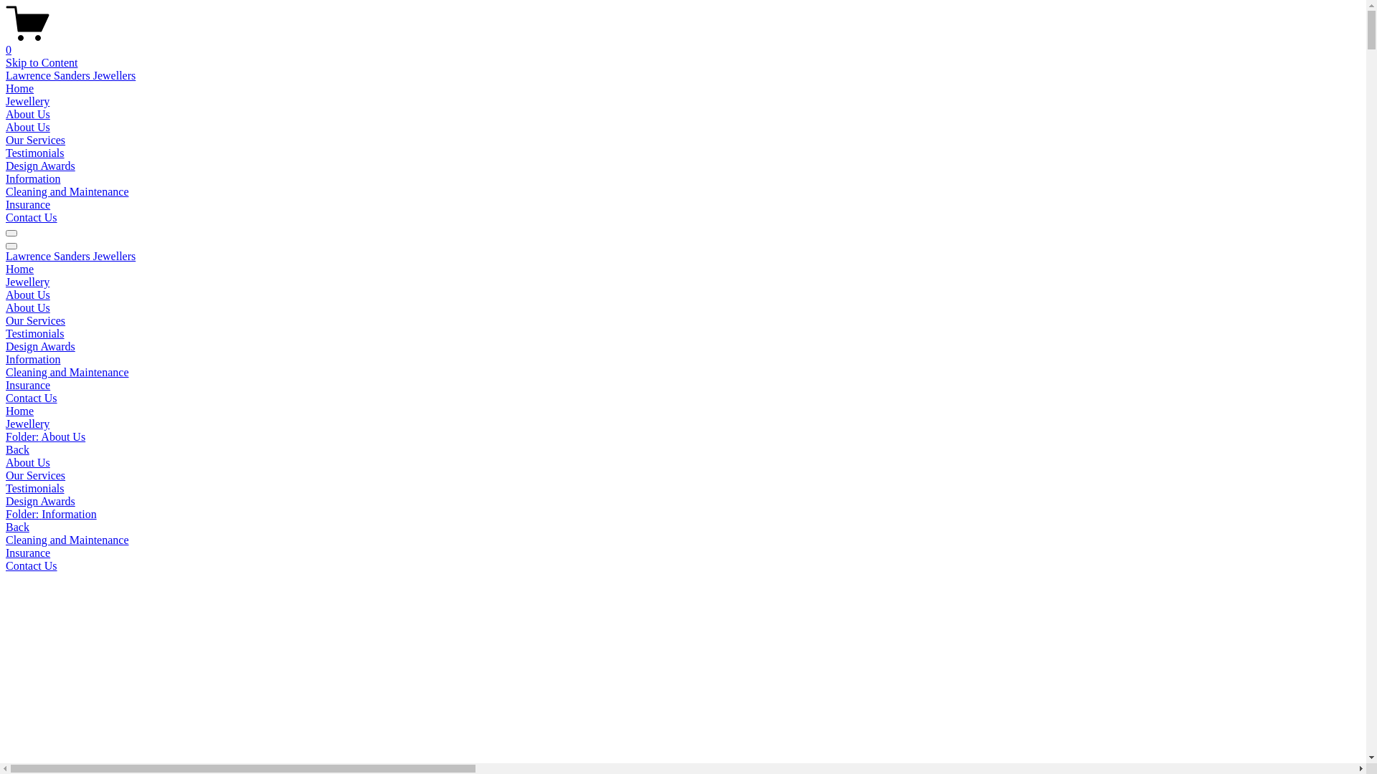 Image resolution: width=1377 pixels, height=774 pixels. What do you see at coordinates (682, 423) in the screenshot?
I see `'Jewellery'` at bounding box center [682, 423].